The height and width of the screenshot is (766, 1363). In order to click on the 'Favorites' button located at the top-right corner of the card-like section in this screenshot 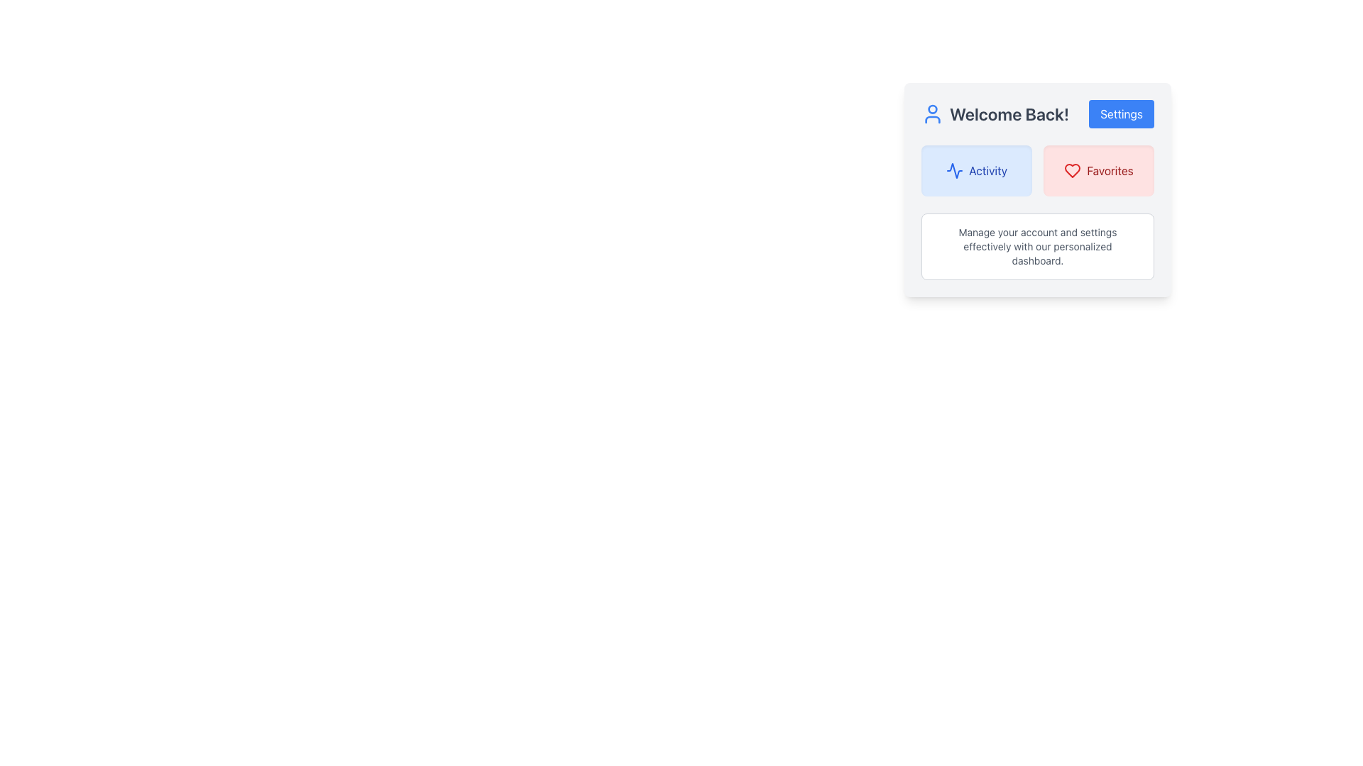, I will do `click(1098, 170)`.